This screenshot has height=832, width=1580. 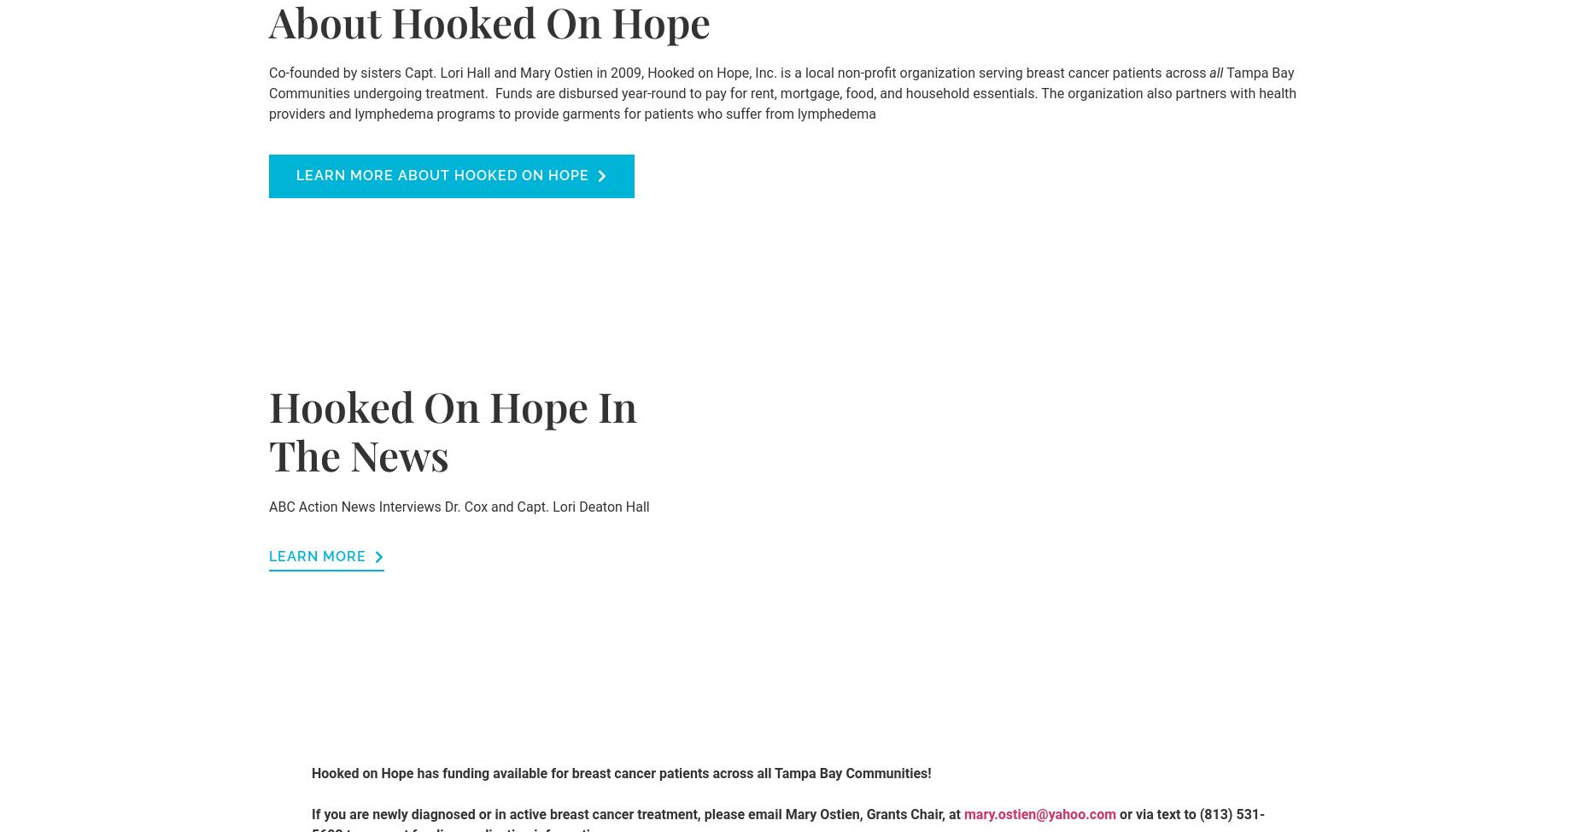 I want to click on 'Hooked On Hope In The News', so click(x=453, y=429).